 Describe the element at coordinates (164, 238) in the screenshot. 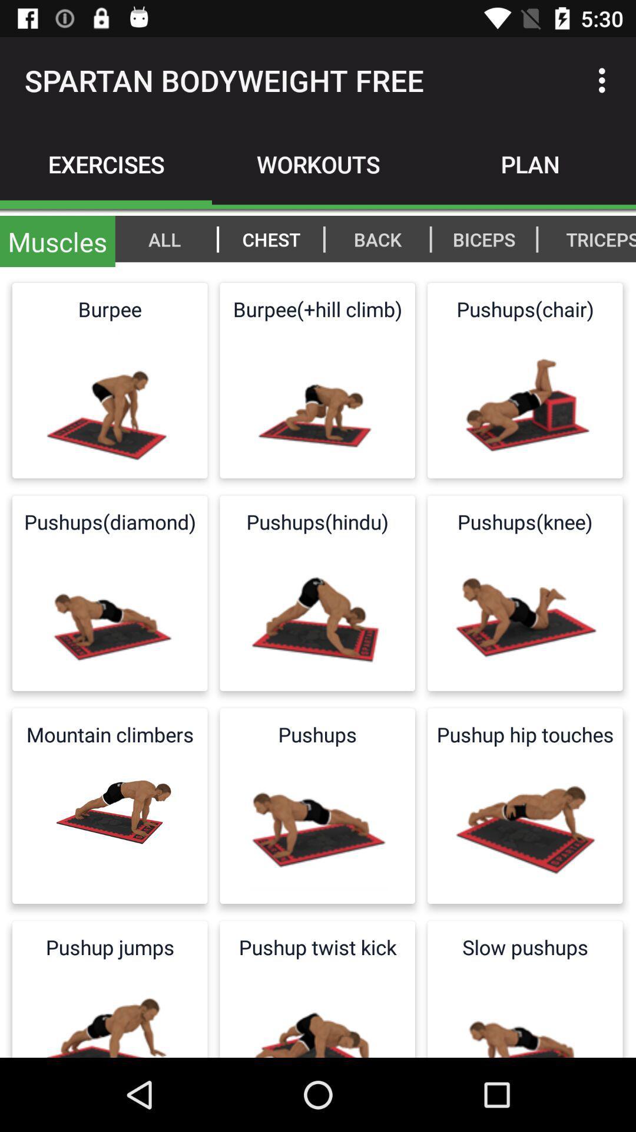

I see `item next to |` at that location.